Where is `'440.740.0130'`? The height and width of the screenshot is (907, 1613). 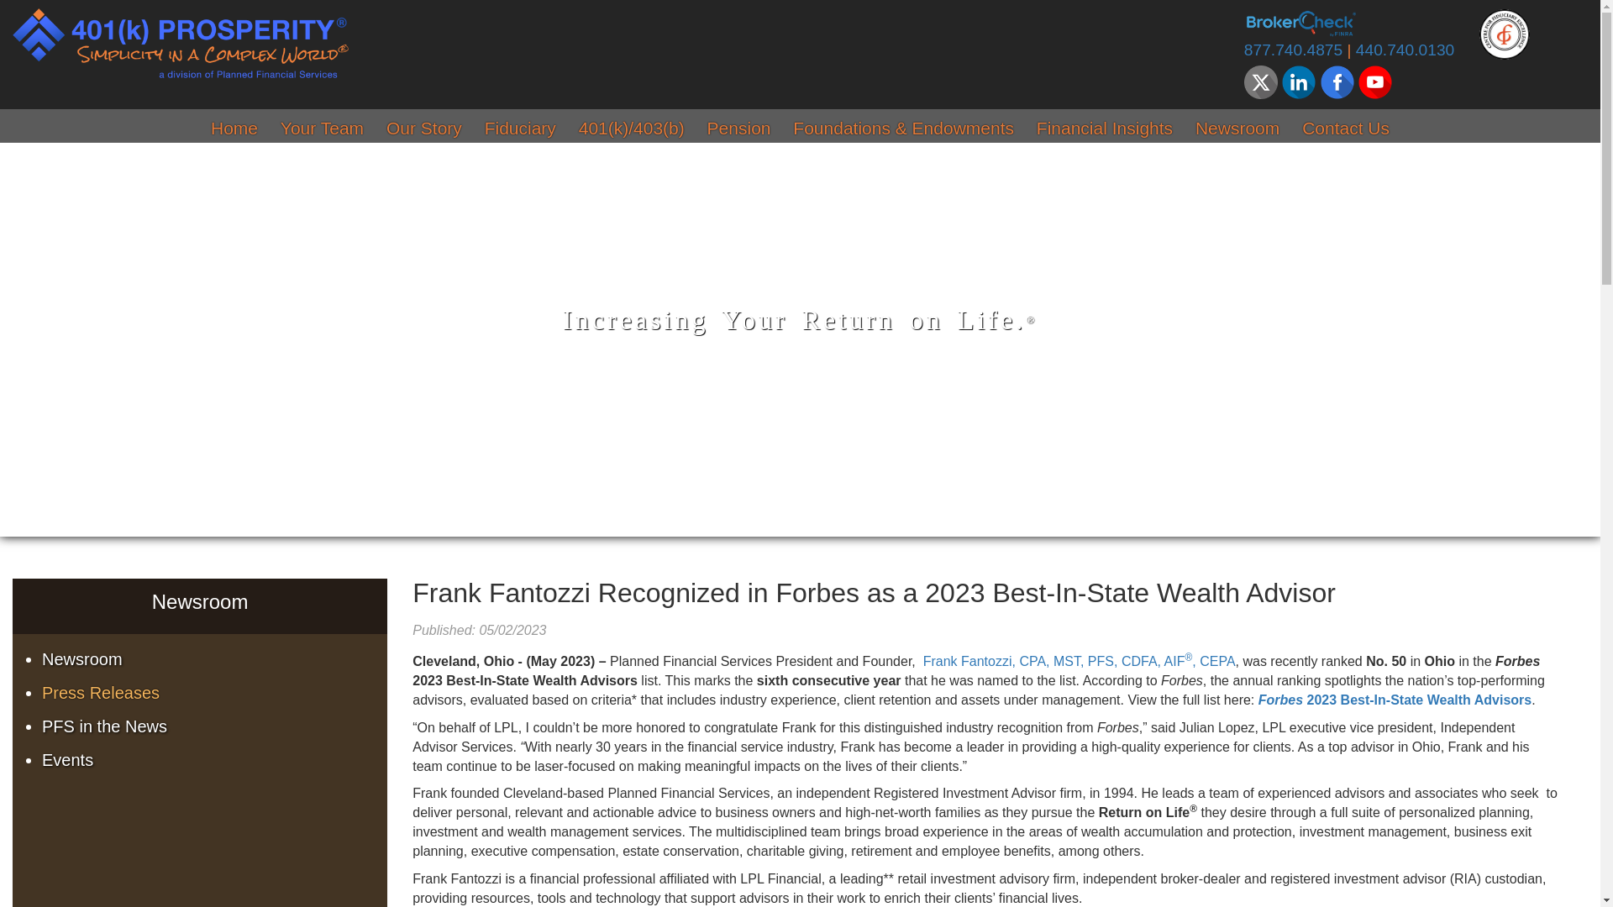 '440.740.0130' is located at coordinates (1355, 49).